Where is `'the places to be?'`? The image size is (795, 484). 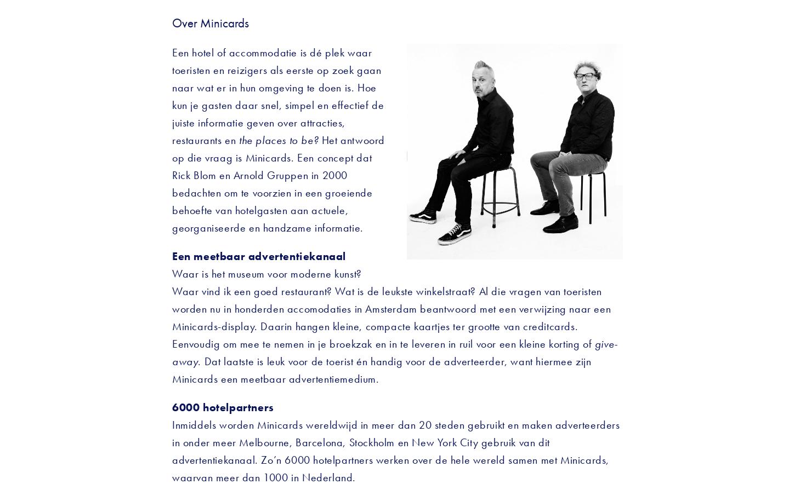
'the places to be?' is located at coordinates (280, 140).